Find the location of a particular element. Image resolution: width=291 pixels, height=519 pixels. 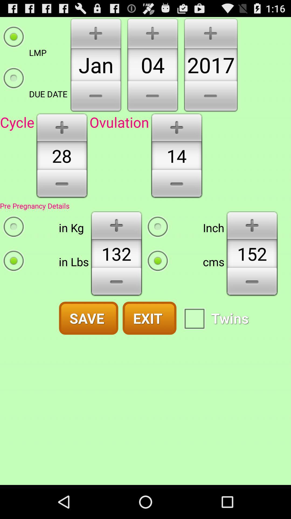

increase ovulation number is located at coordinates (176, 127).